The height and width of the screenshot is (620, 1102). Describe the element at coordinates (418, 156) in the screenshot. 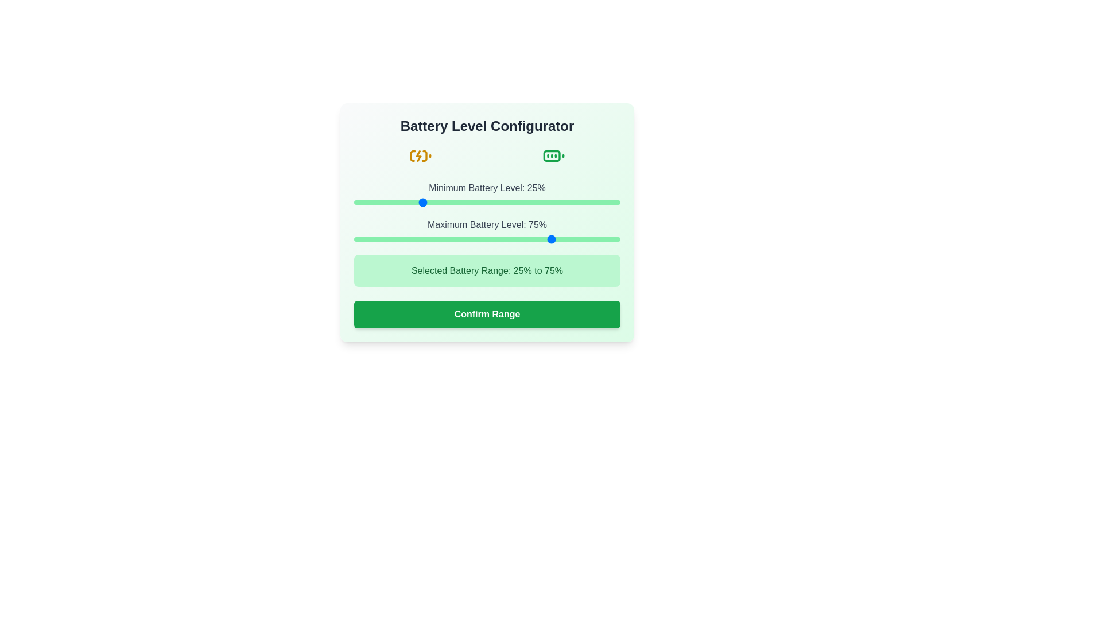

I see `the charging symbol icon located inside the battery icon on the left side of the top section of the interface` at that location.